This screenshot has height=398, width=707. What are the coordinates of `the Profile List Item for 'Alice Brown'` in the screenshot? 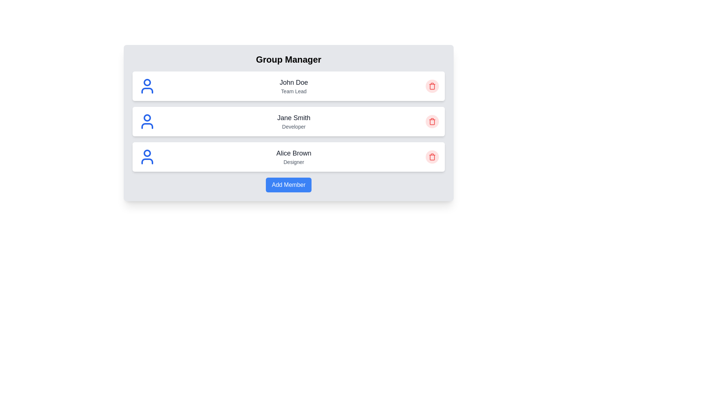 It's located at (288, 156).